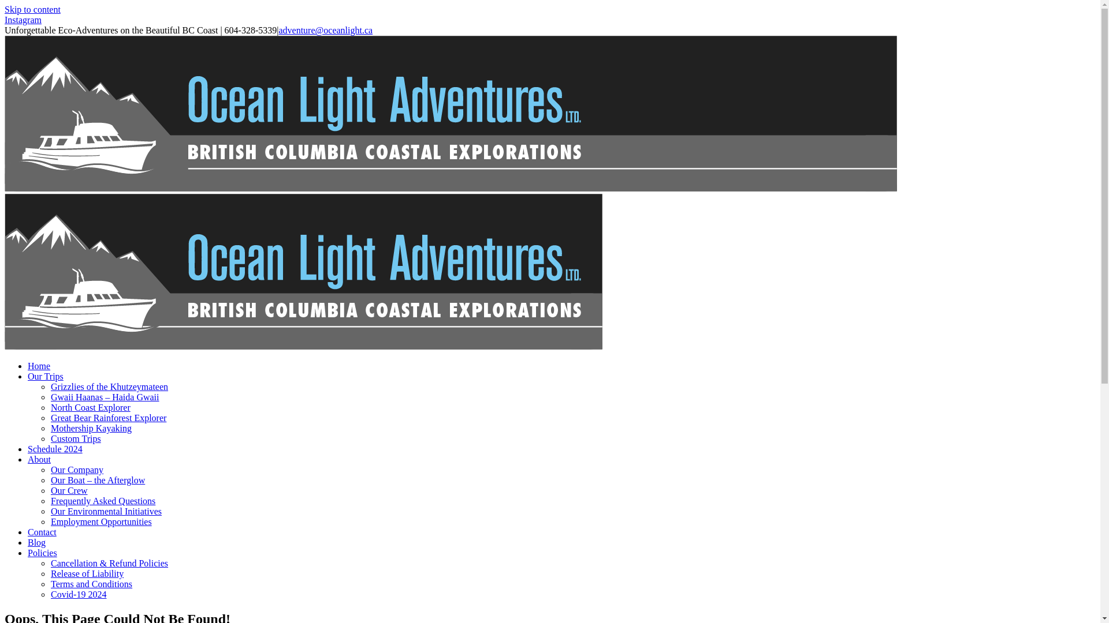  I want to click on 'Terms and Conditions', so click(91, 584).